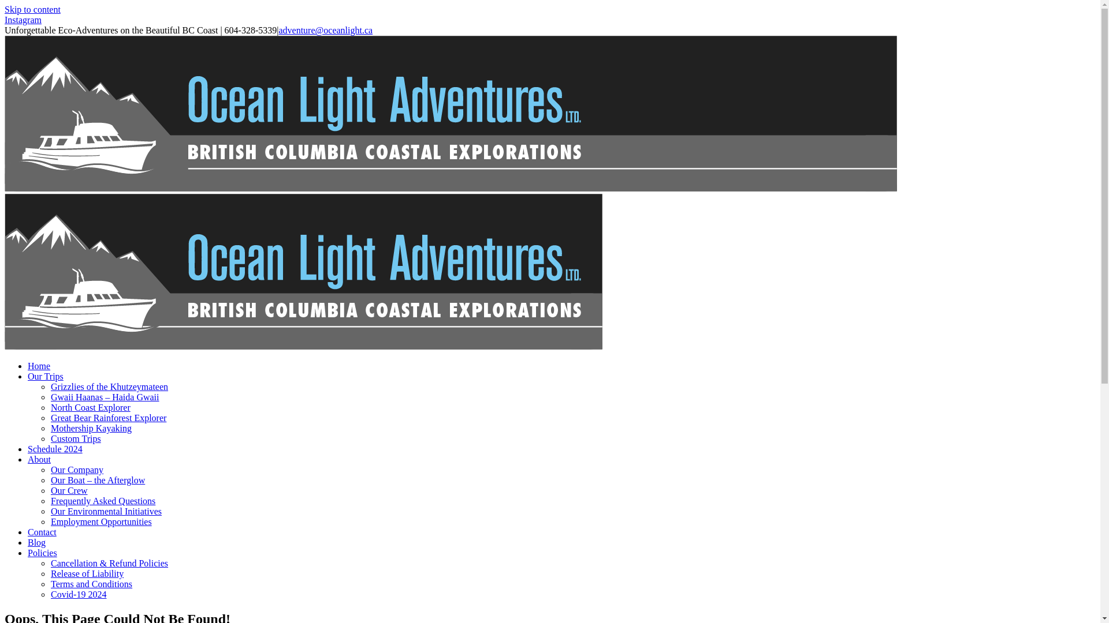  I want to click on 'Terms and Conditions', so click(91, 584).